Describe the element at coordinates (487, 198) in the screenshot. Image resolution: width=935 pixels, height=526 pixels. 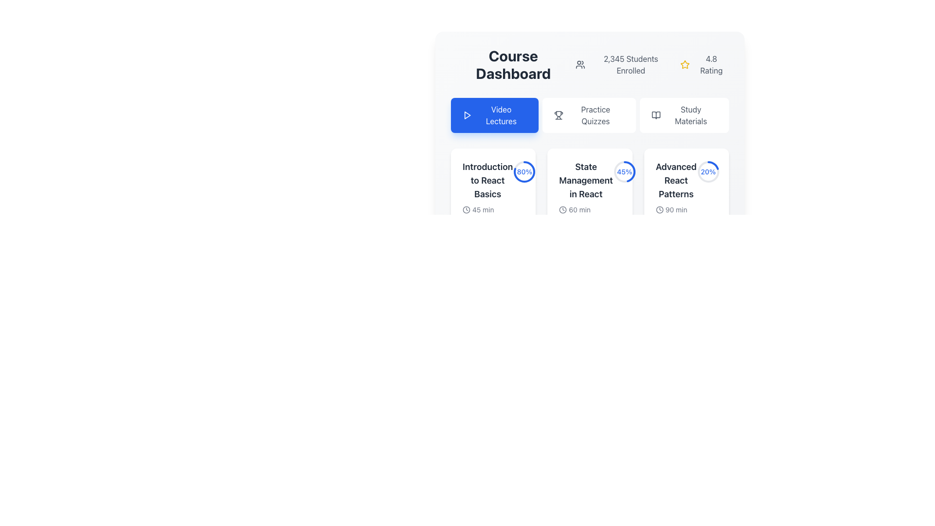
I see `the Content card for the course 'Introduction to React Basics', which is the leftmost item in the row of course cards` at that location.